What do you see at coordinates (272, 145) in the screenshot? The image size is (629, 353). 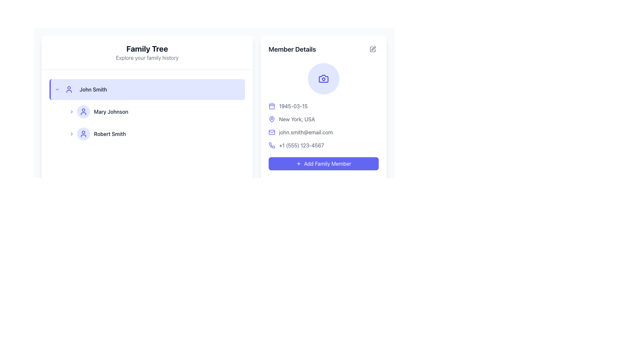 I see `the phone details icon located in the 'Member Details' section, which is positioned to the left of the phone number '+1 (555) 123-4567'` at bounding box center [272, 145].